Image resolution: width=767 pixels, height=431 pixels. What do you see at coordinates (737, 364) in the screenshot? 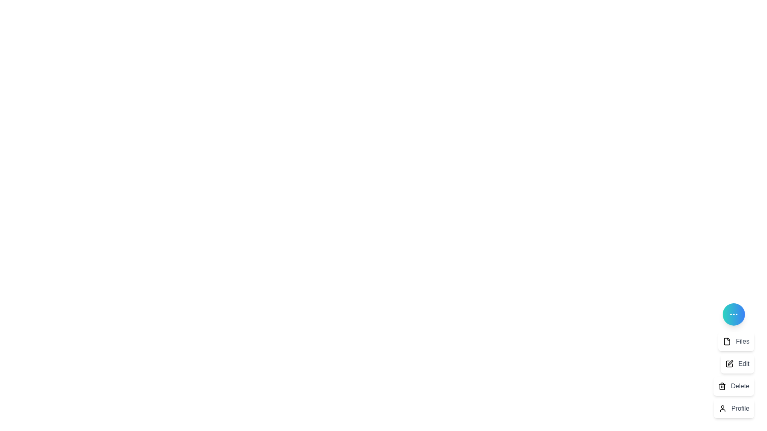
I see `the 'Edit' button in the speed dial menu` at bounding box center [737, 364].